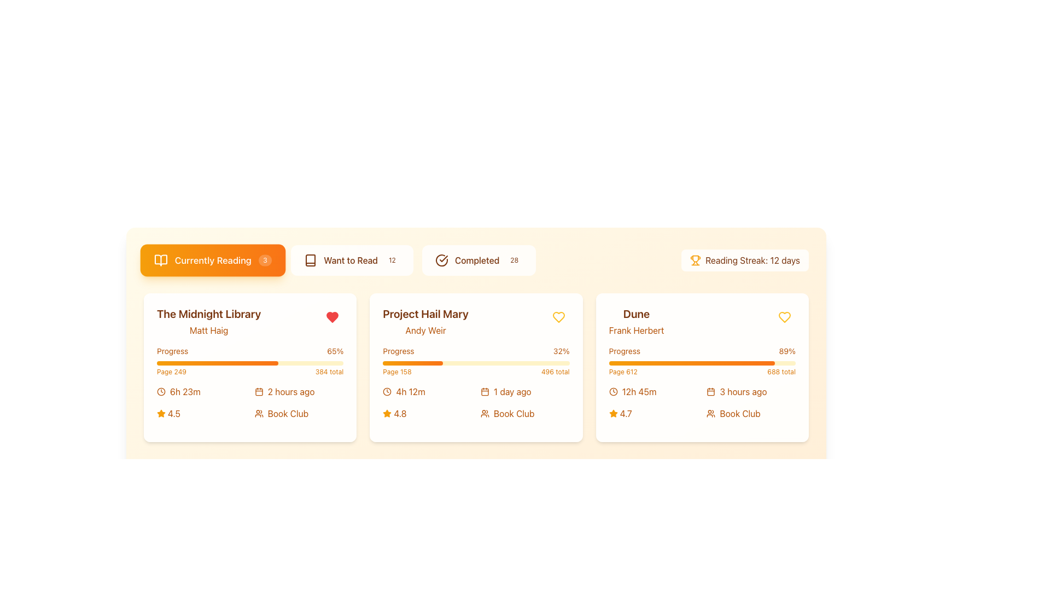 This screenshot has height=591, width=1050. I want to click on the text display titled 'The Midnight Library' with the author 'Matt Haig' and the red heart icon, located in the upper section of the leftmost card in the 'Currently Reading' tab, so click(249, 321).